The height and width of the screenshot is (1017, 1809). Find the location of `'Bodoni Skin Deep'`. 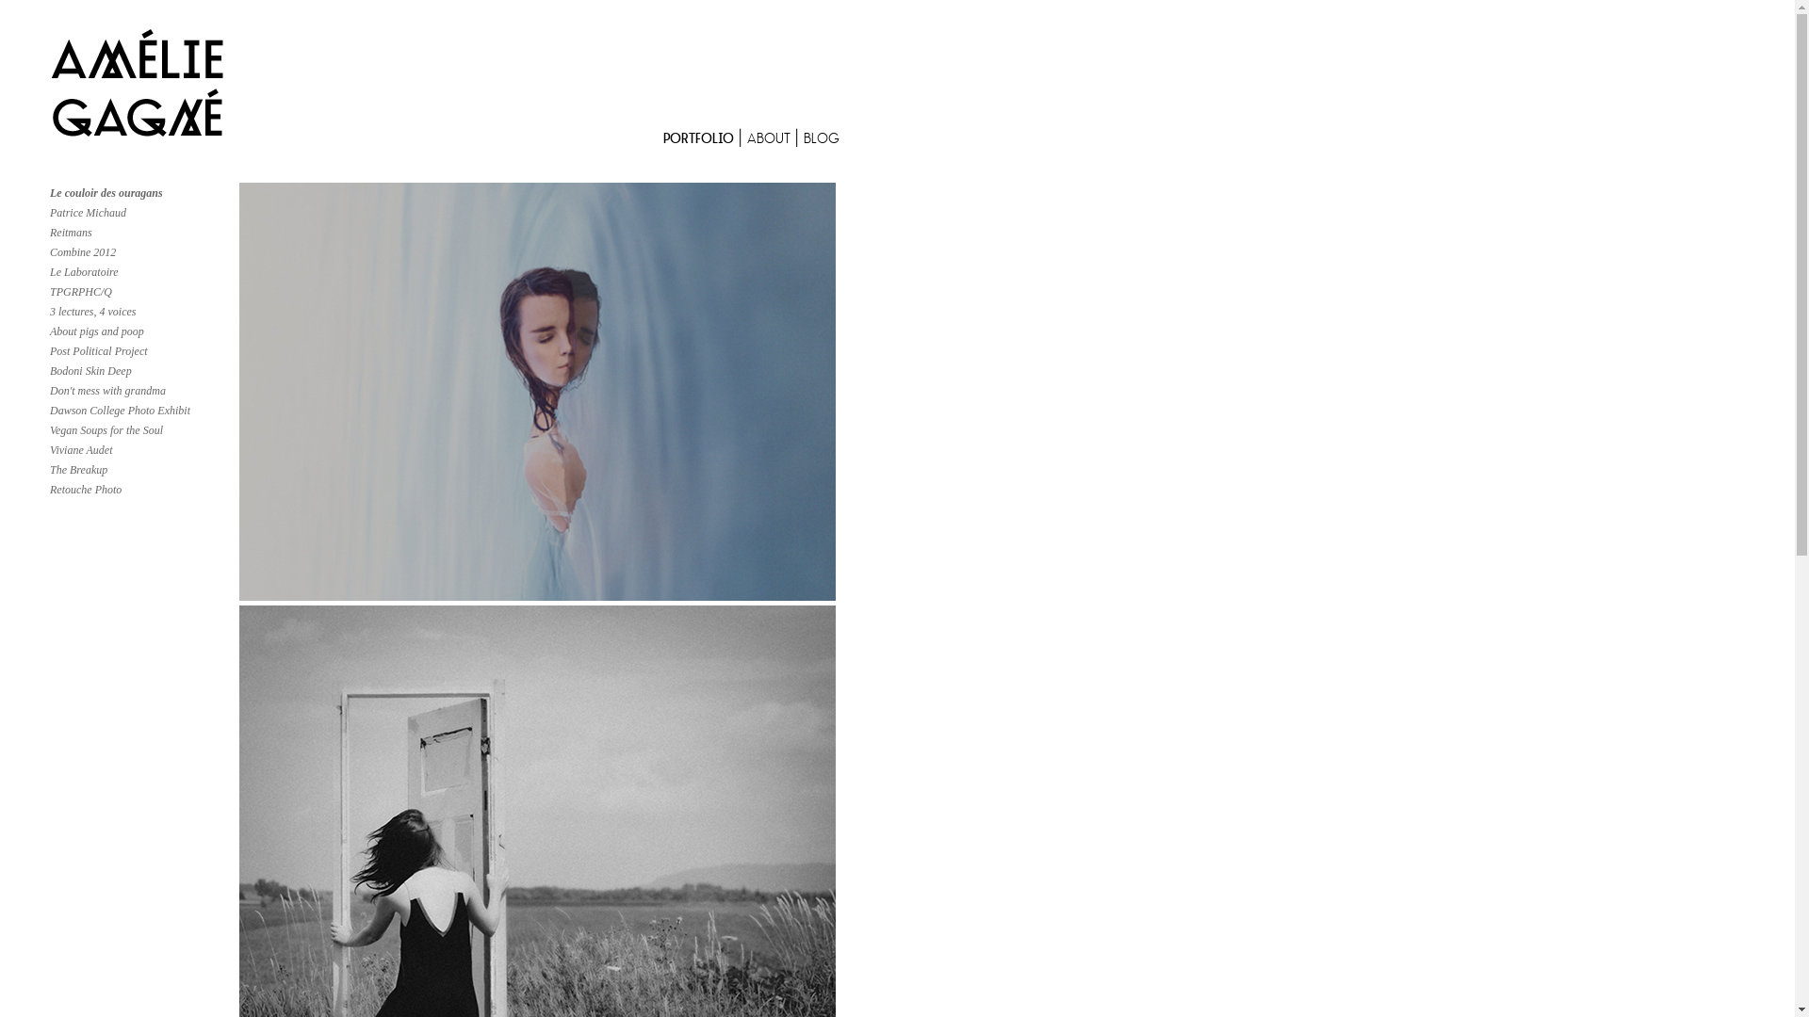

'Bodoni Skin Deep' is located at coordinates (90, 370).